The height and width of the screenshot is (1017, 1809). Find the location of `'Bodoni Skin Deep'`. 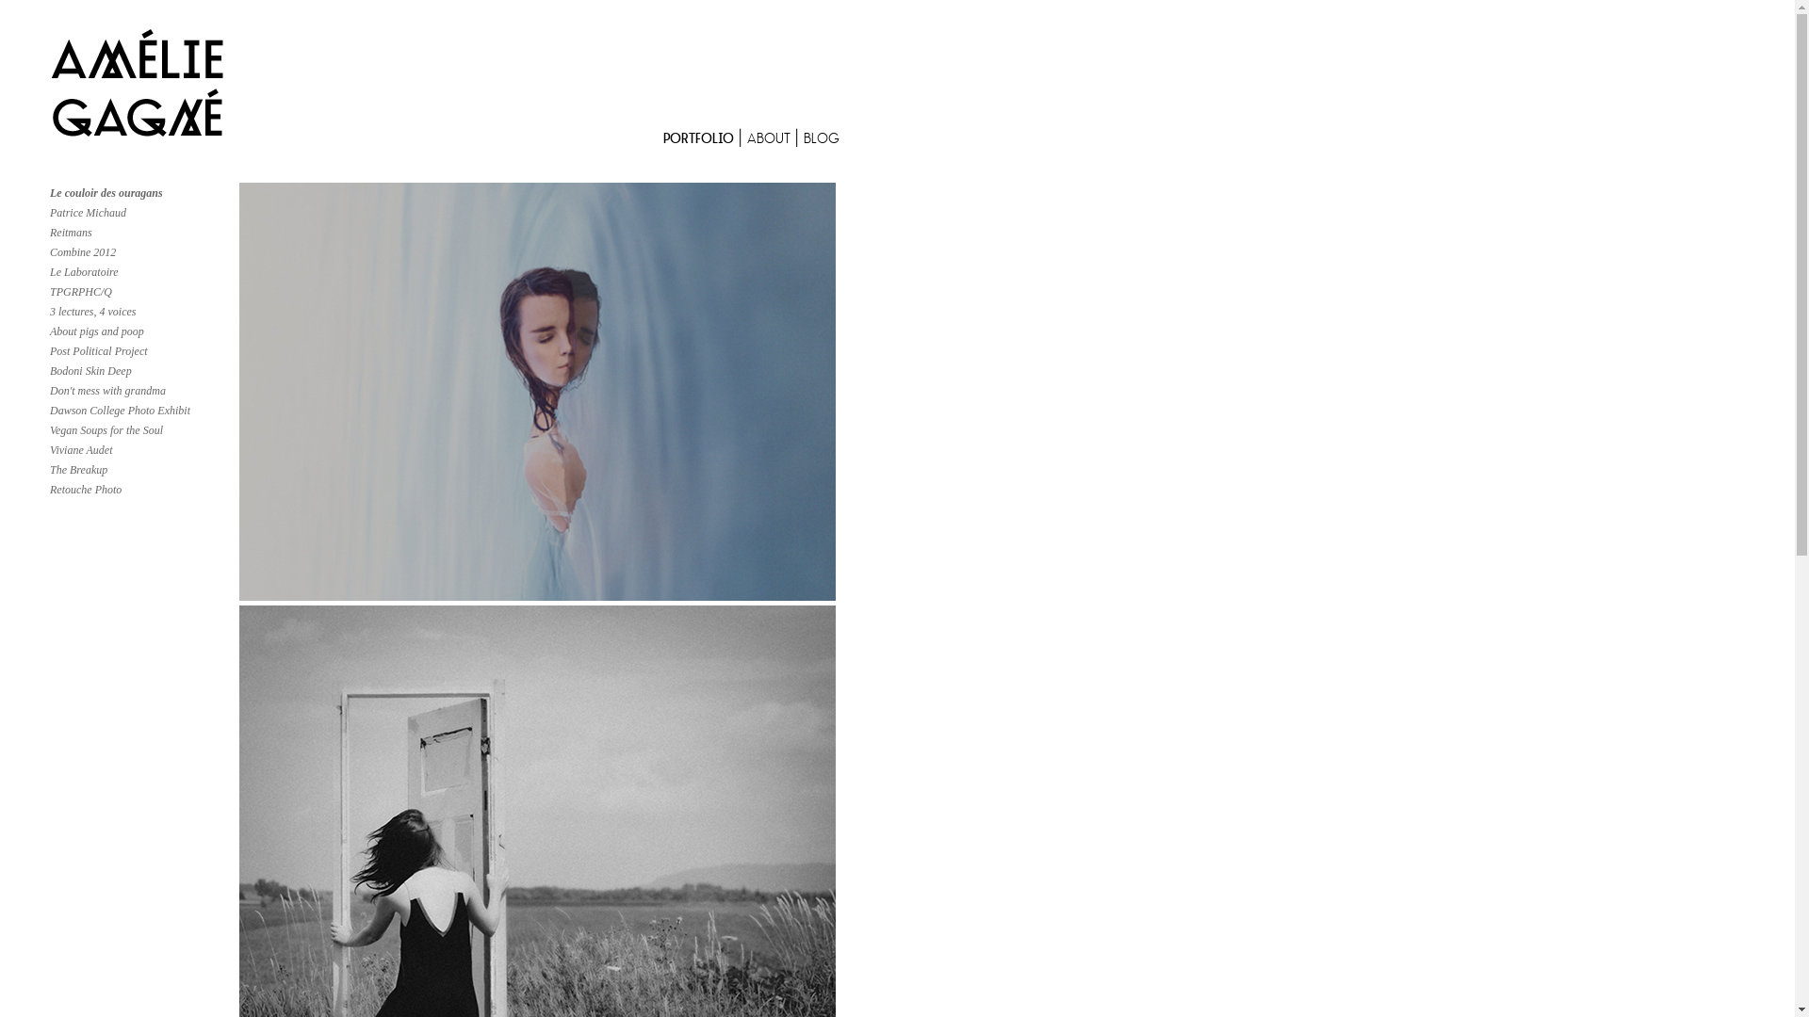

'Bodoni Skin Deep' is located at coordinates (90, 370).